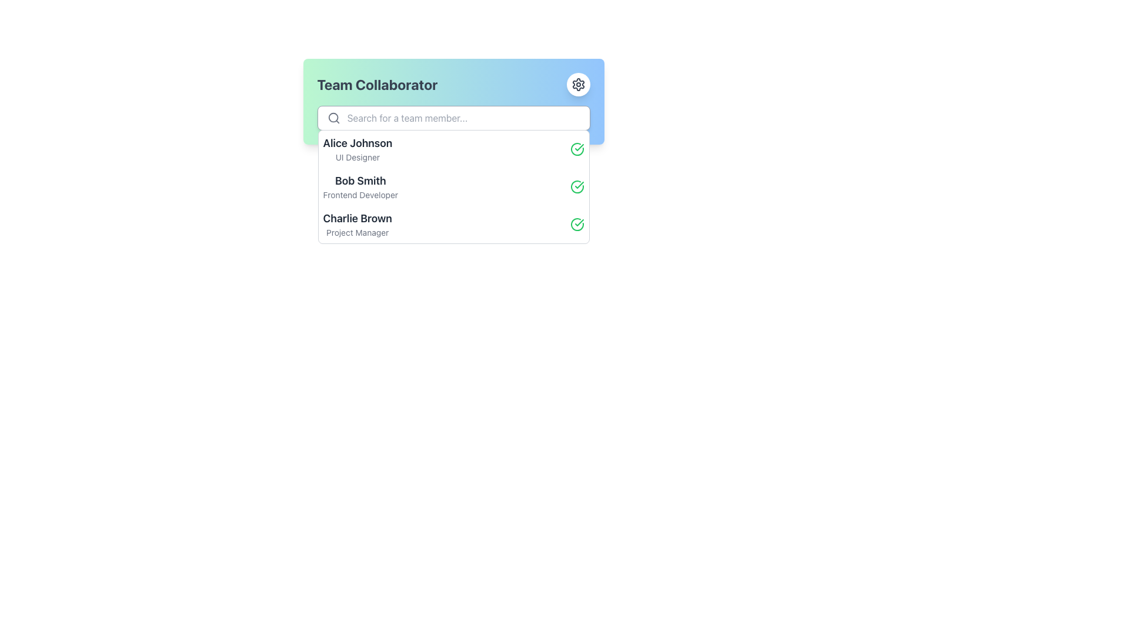 The width and height of the screenshot is (1129, 635). Describe the element at coordinates (578, 83) in the screenshot. I see `the gear icon in the top-right corner of the layout` at that location.